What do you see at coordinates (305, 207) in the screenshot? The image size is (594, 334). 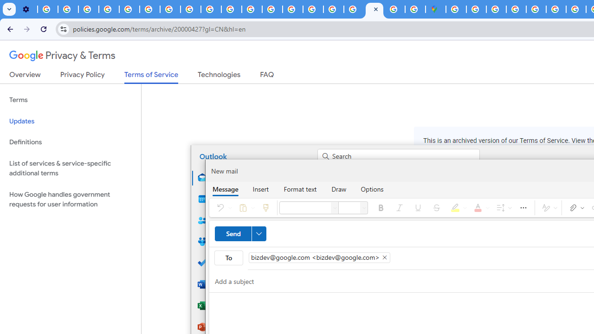 I see `'Font'` at bounding box center [305, 207].